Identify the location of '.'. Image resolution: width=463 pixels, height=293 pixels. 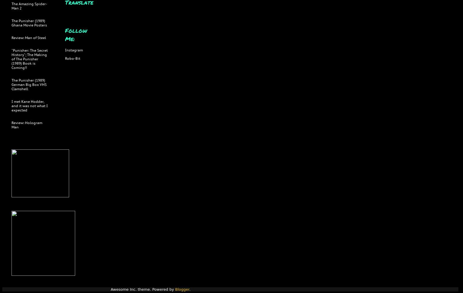
(189, 289).